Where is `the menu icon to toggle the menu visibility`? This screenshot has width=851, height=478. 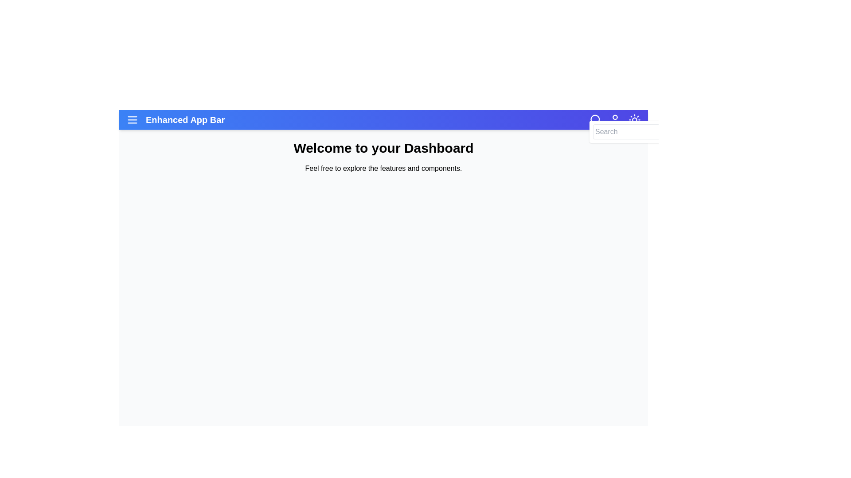 the menu icon to toggle the menu visibility is located at coordinates (132, 119).